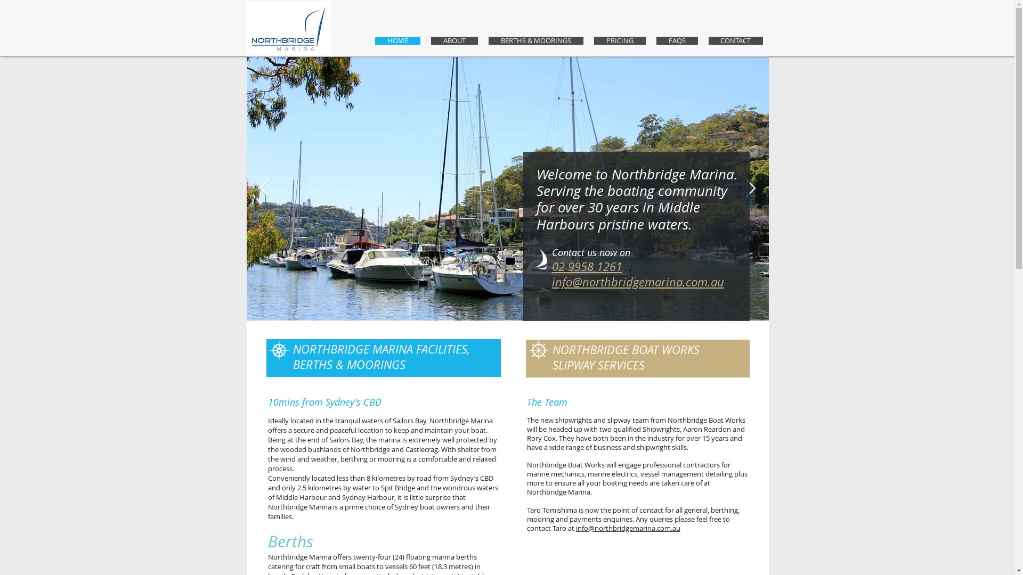 This screenshot has width=1023, height=575. Describe the element at coordinates (1013, 3) in the screenshot. I see `'Visitor Analytics'` at that location.